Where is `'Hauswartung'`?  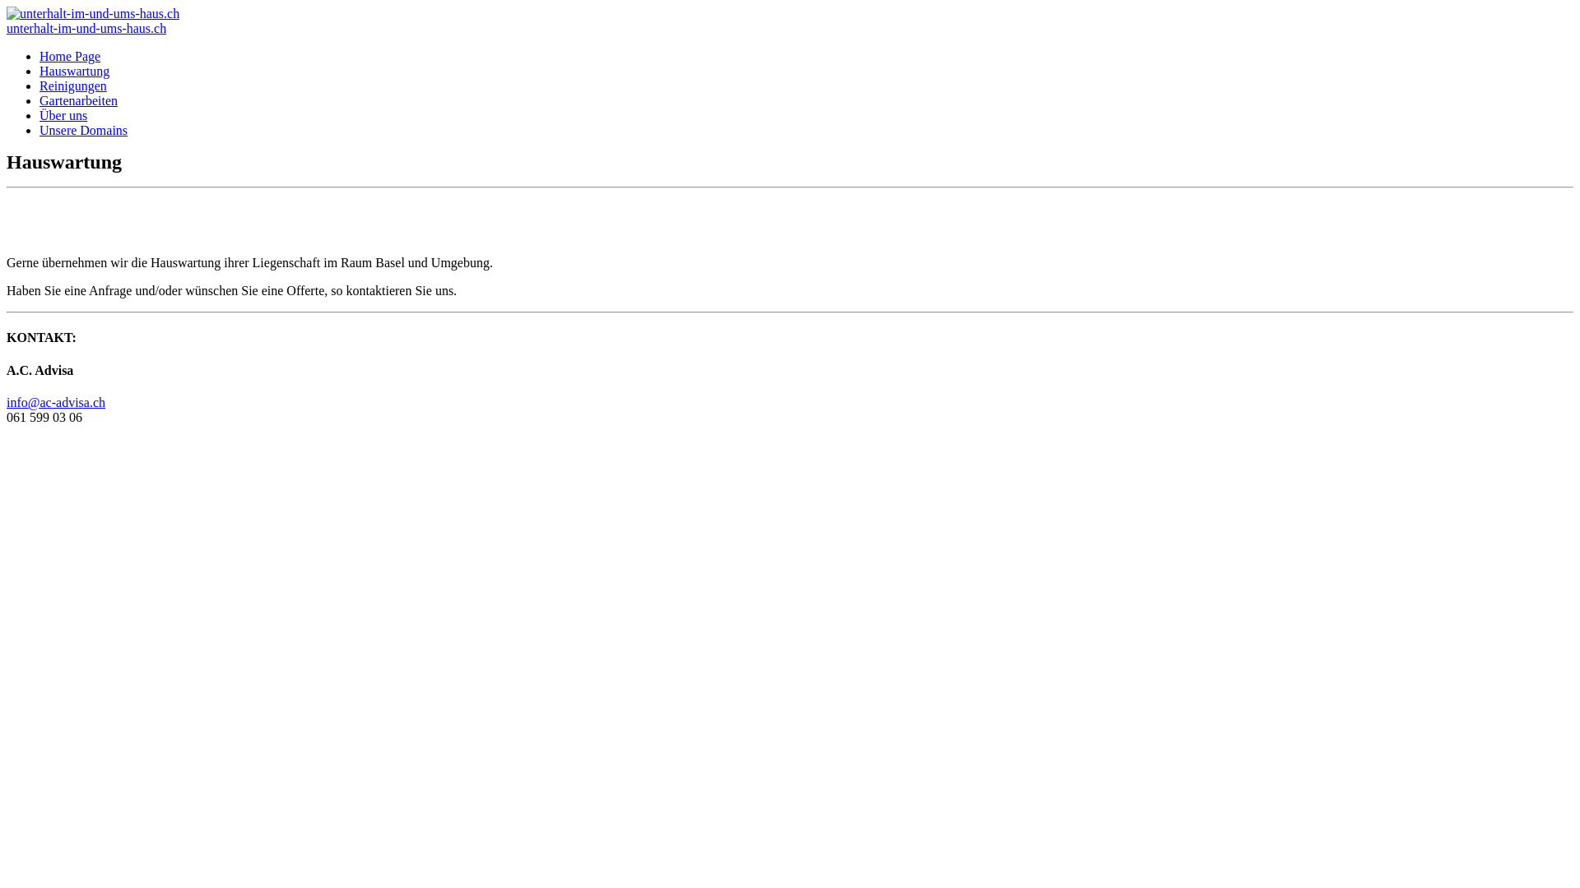 'Hauswartung' is located at coordinates (39, 70).